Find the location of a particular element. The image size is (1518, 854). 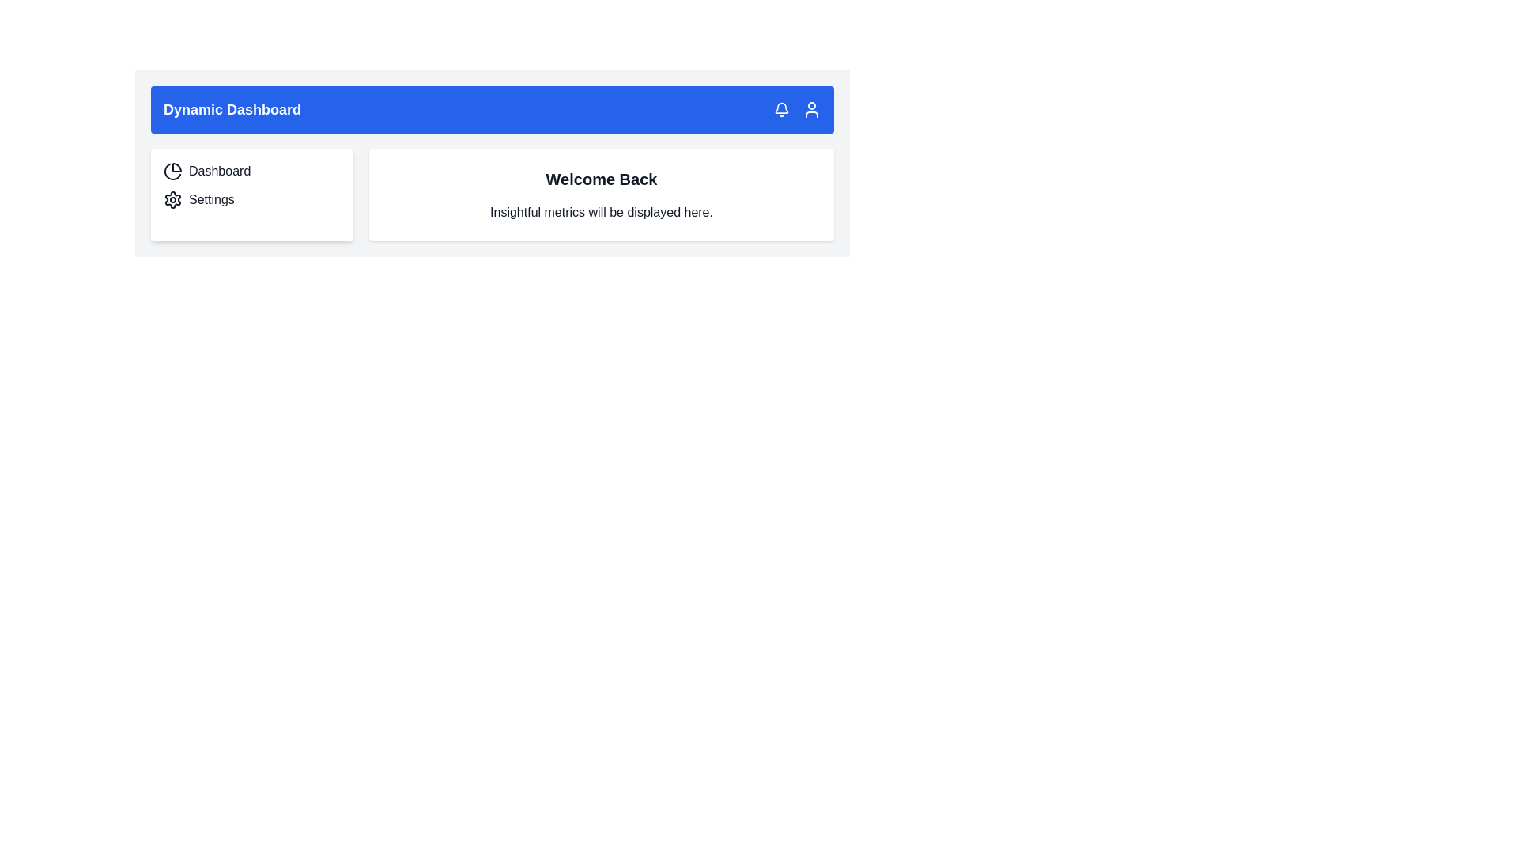

the user avatar icon button, which is a circular shape with a head and shoulders silhouette, positioned at the top-right corner of the navigation bar is located at coordinates (812, 108).